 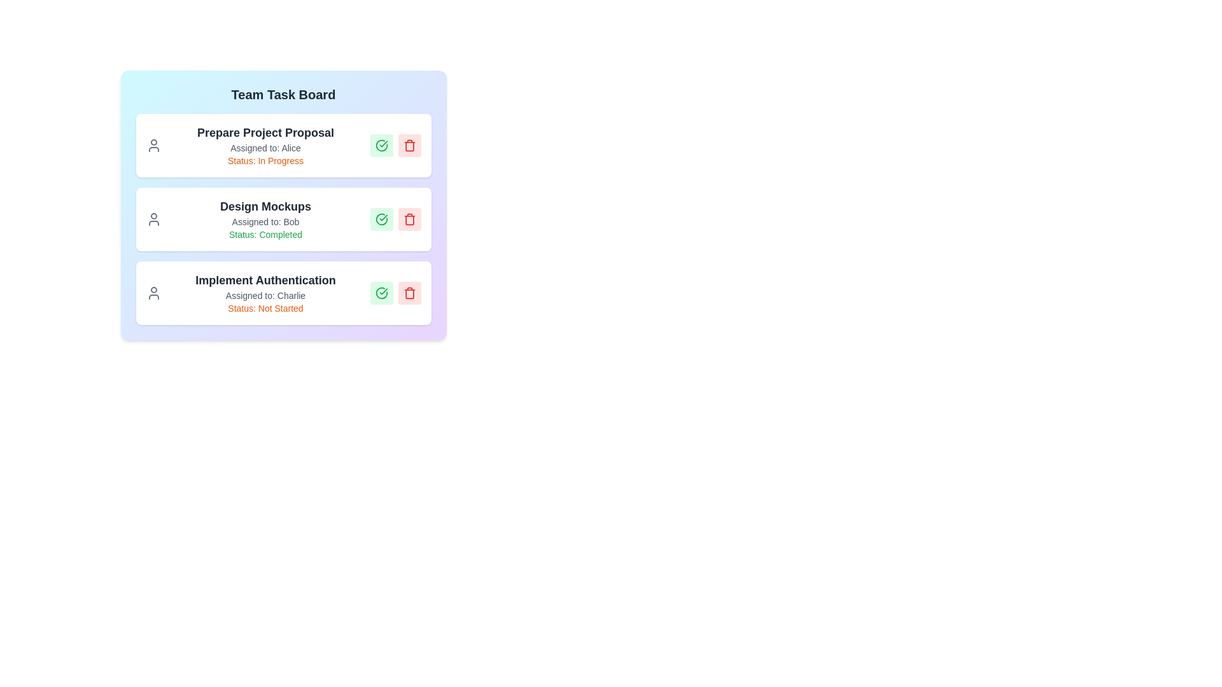 What do you see at coordinates (409, 293) in the screenshot?
I see `trash button for the task titled 'Implement Authentication' to delete it` at bounding box center [409, 293].